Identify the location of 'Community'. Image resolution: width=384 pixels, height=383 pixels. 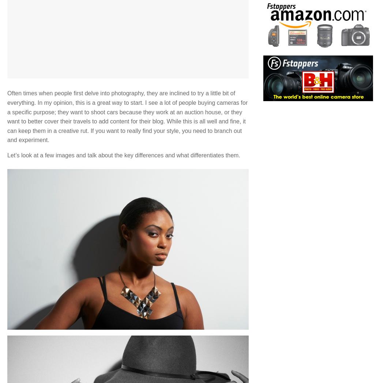
(145, 231).